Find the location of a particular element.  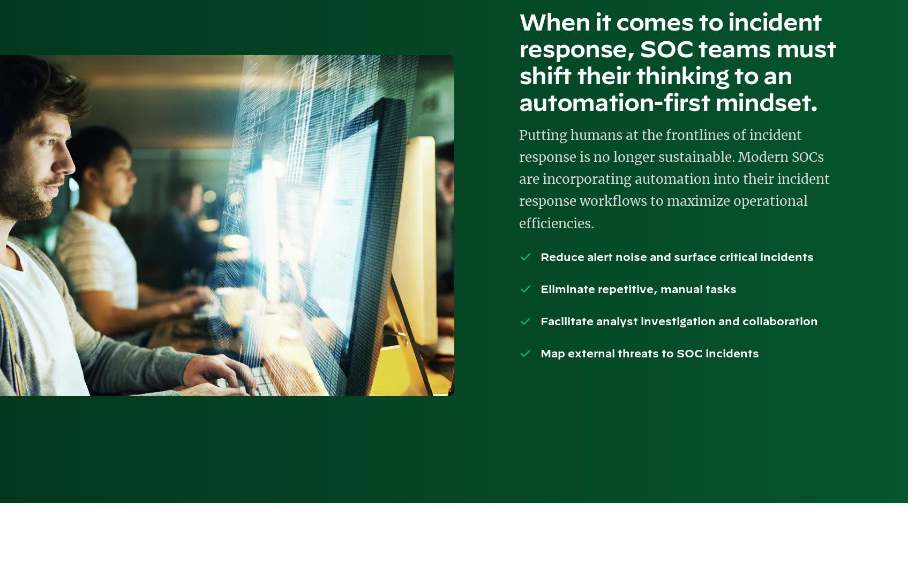

'Privacy Statement' is located at coordinates (670, 266).